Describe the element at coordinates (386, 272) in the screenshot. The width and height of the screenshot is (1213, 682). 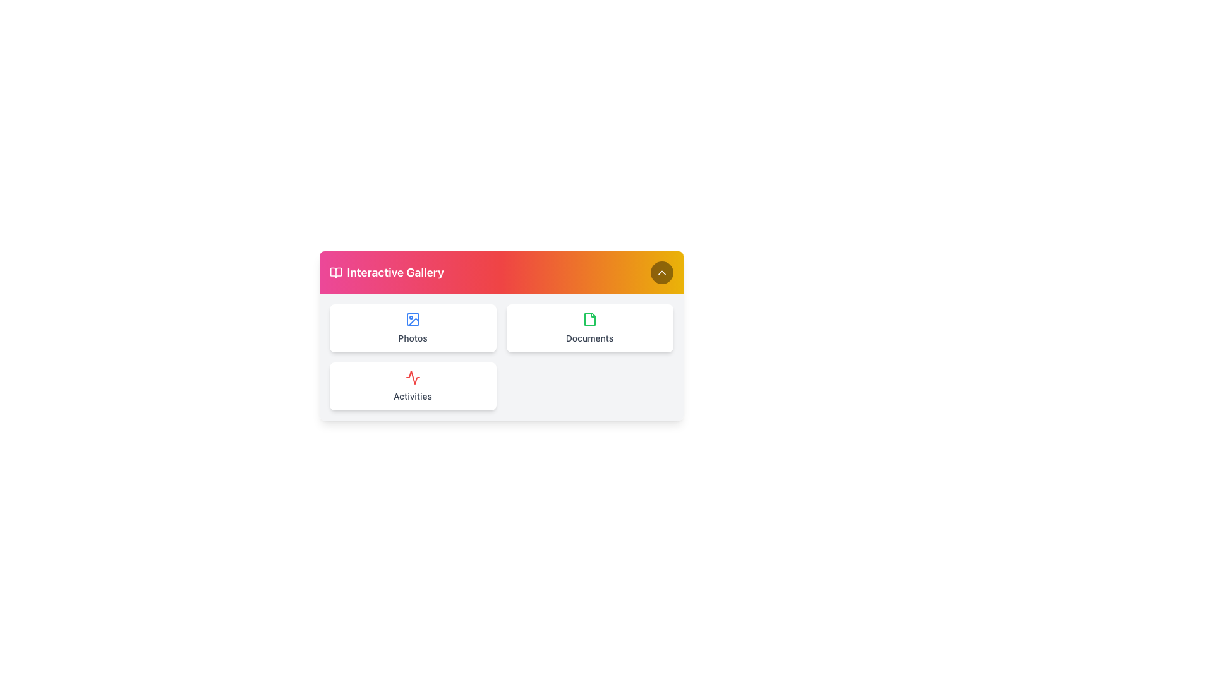
I see `the Header with Icon and Label indicating 'Interactive Gallery' located at the top-left corner of the card` at that location.